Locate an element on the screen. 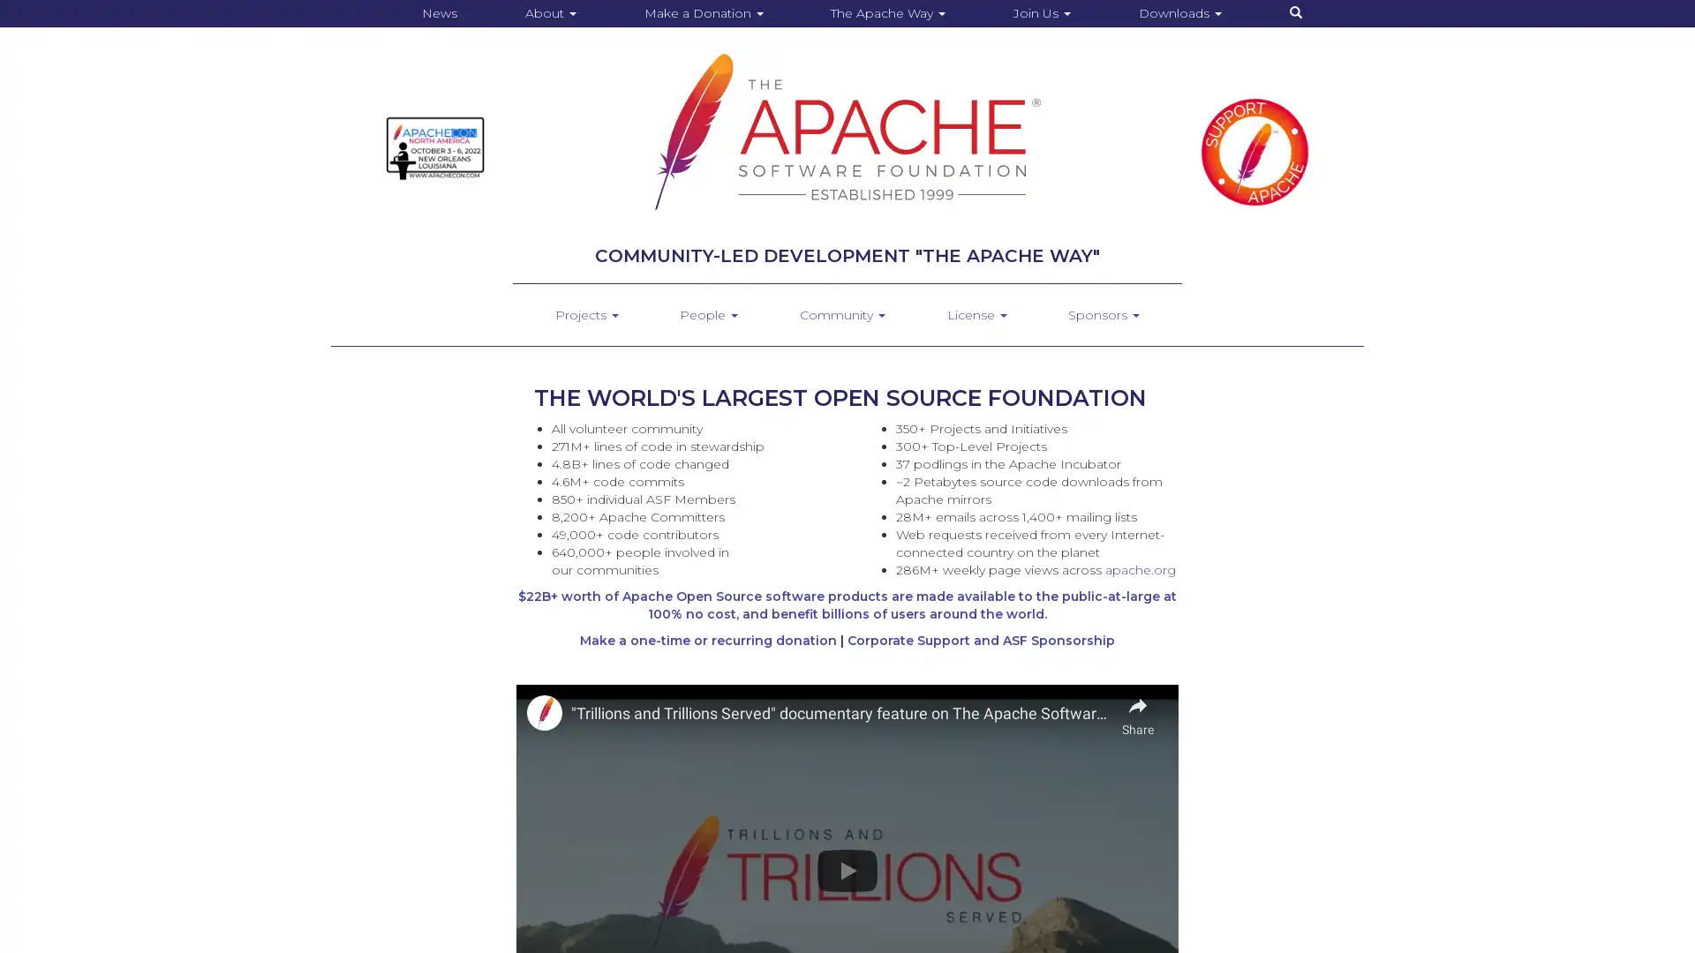  Projects is located at coordinates (585, 314).